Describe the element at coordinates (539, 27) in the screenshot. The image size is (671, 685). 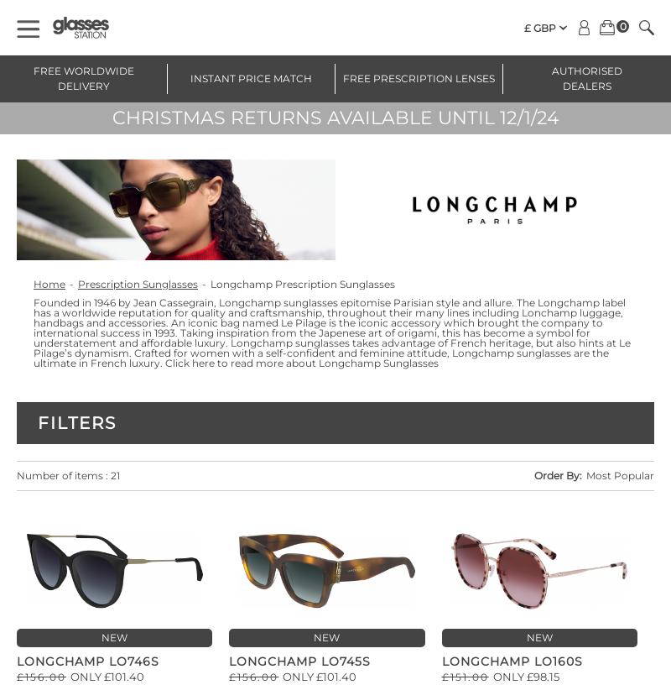
I see `'£ GBP'` at that location.